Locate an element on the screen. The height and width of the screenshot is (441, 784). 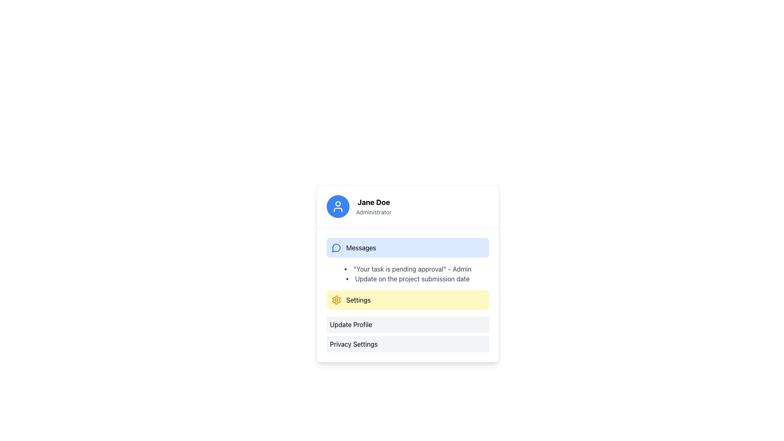
the privacy settings button located directly below the 'Update Profile' button is located at coordinates (408, 344).